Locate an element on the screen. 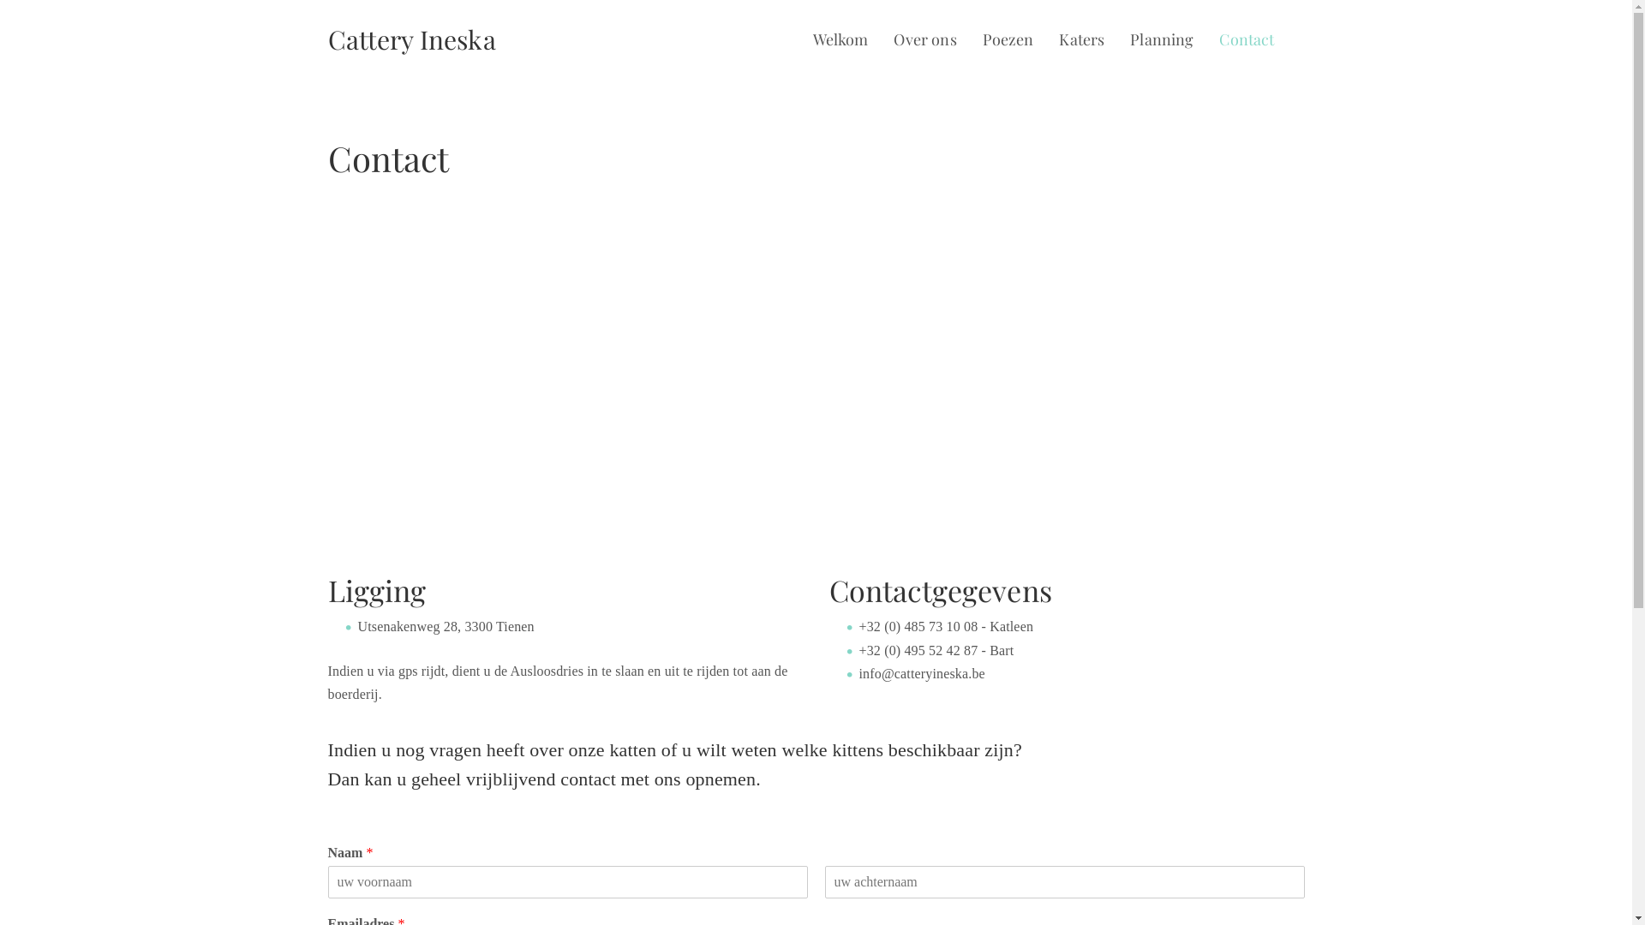 The width and height of the screenshot is (1645, 925). 'Poezen' is located at coordinates (1008, 39).